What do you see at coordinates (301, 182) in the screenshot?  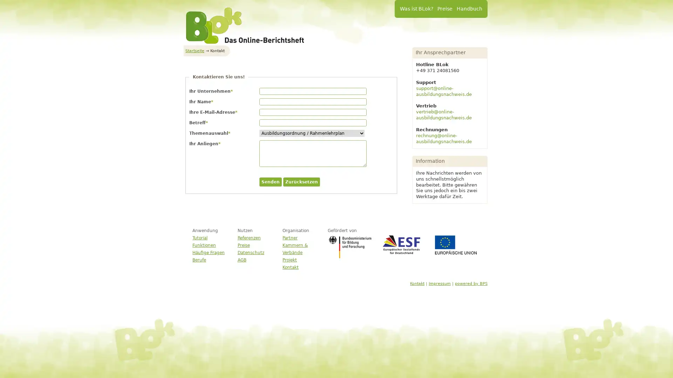 I see `Zurucksetzen` at bounding box center [301, 182].